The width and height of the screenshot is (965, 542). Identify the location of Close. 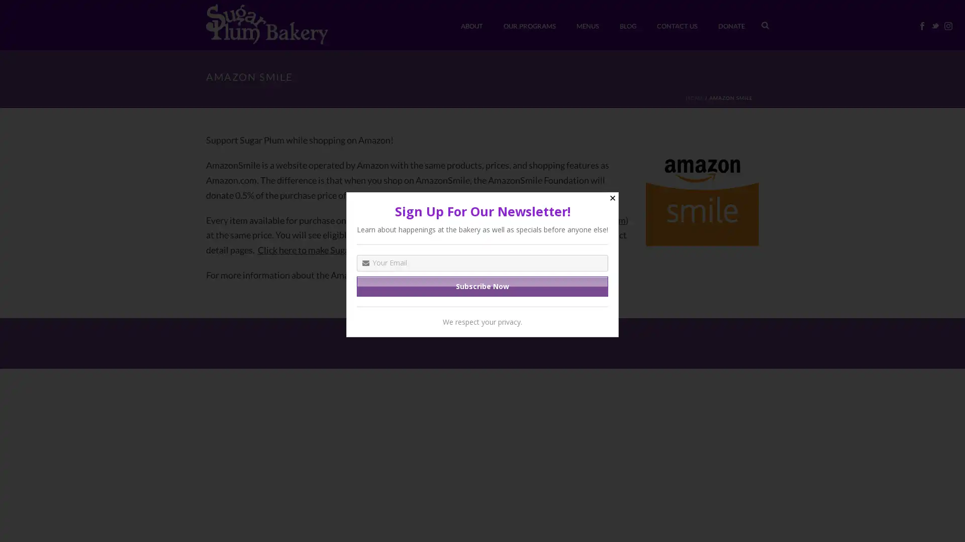
(612, 198).